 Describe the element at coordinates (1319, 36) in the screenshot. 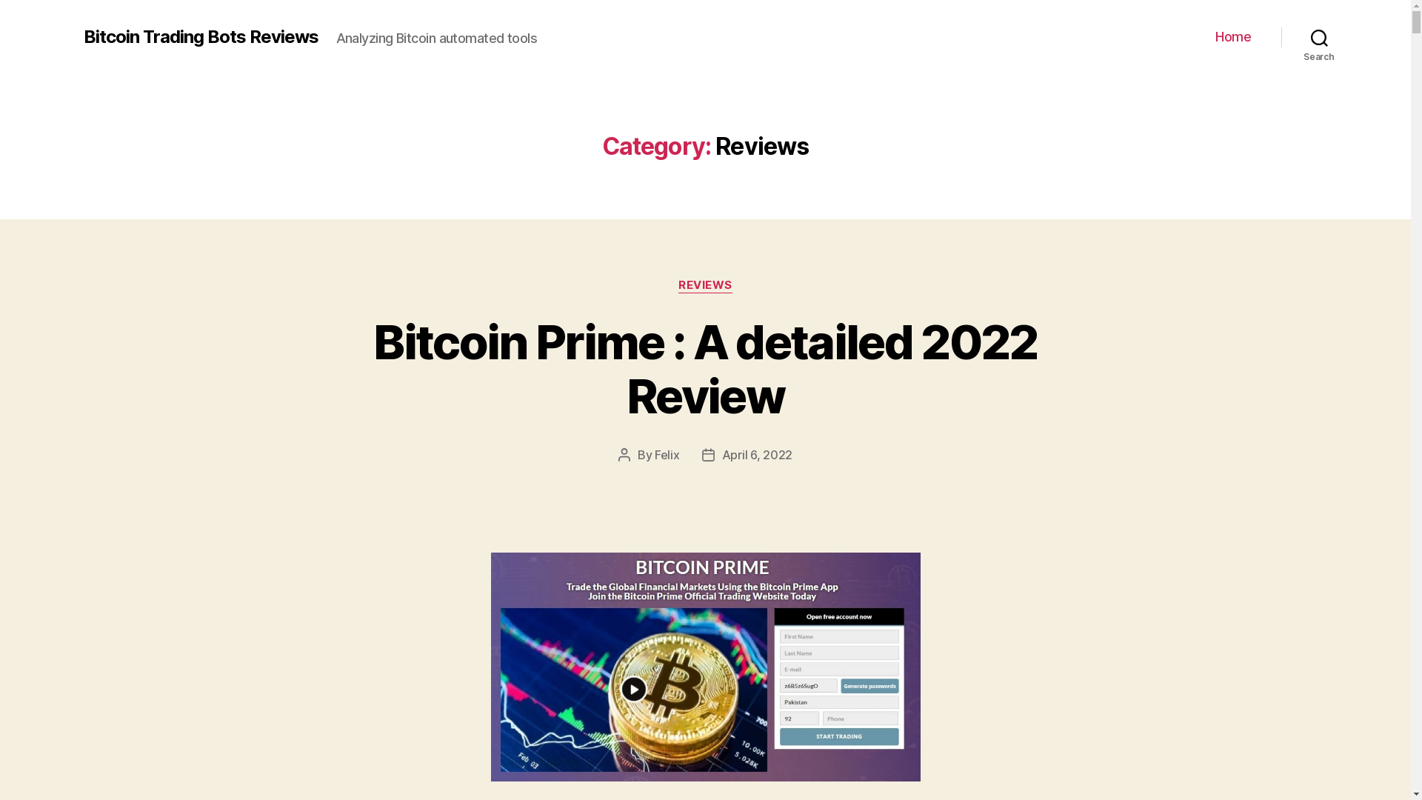

I see `'Search'` at that location.